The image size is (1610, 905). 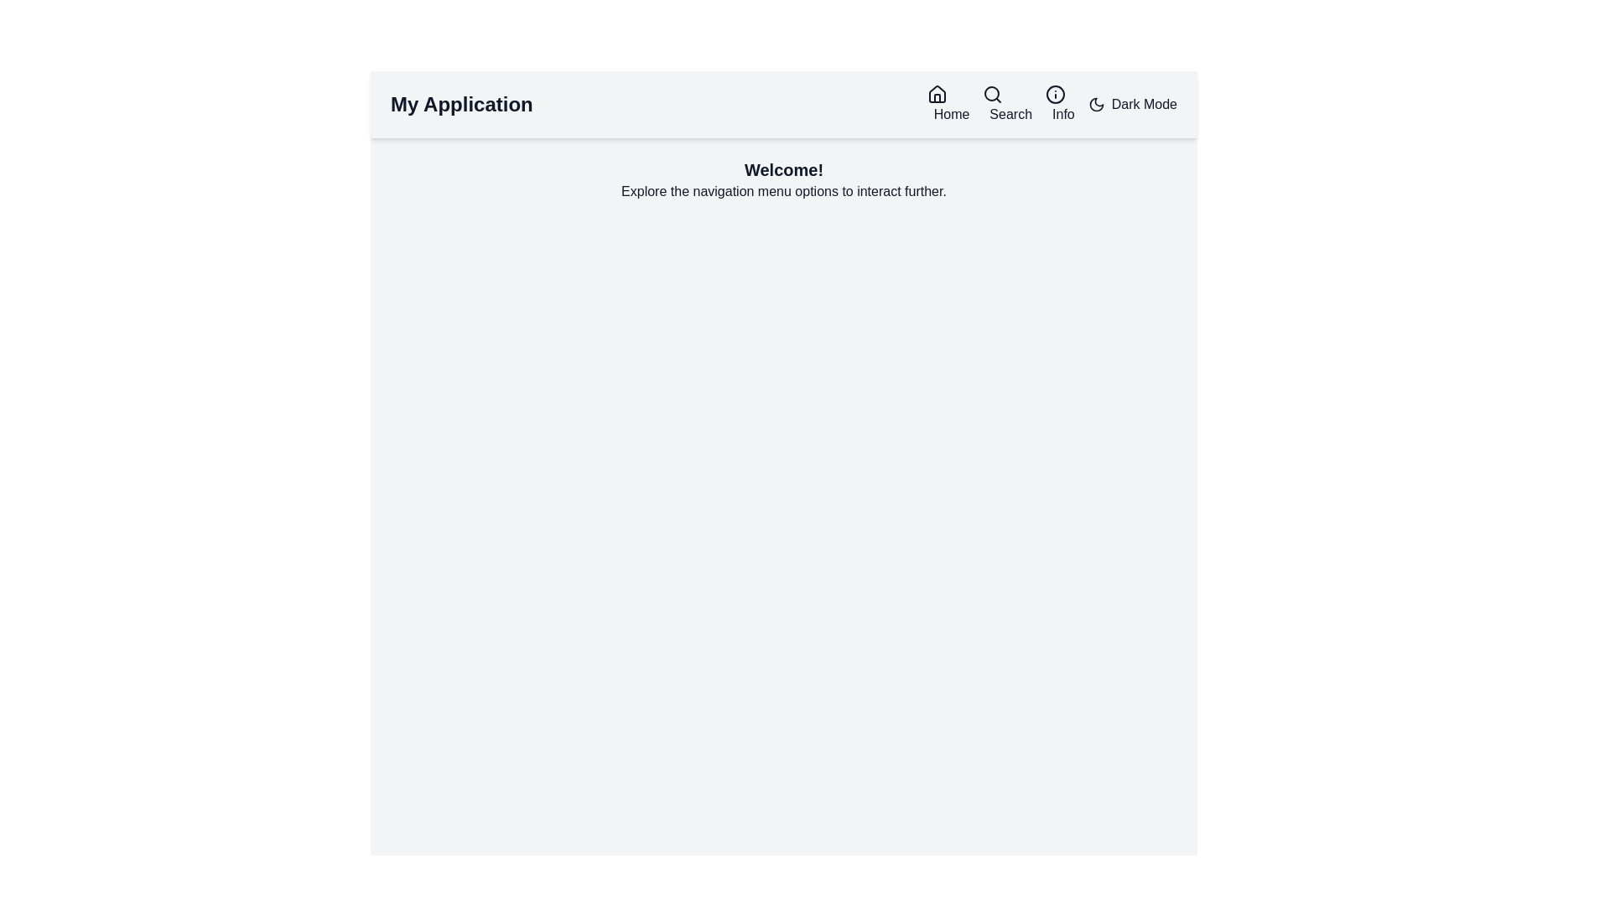 What do you see at coordinates (1062, 113) in the screenshot?
I see `the 'Info' text label located on the far right side of the navigation bar, positioned between the 'Search' button and the 'Dark Mode' option` at bounding box center [1062, 113].